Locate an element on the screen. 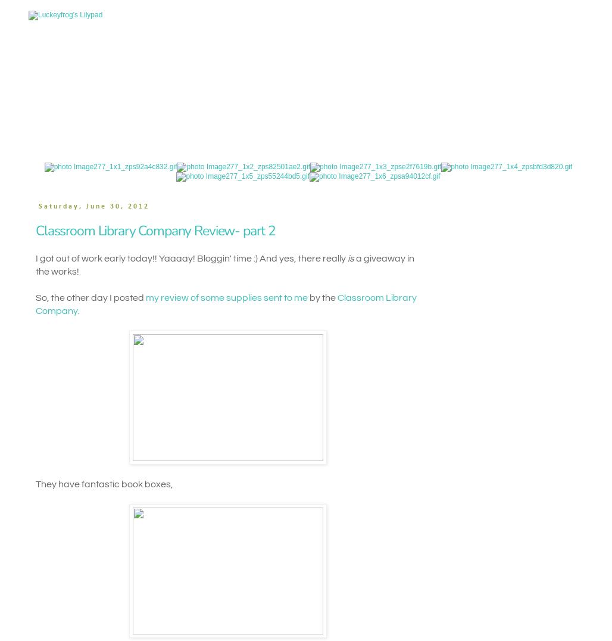 This screenshot has height=641, width=612. 'Classroom Library Company.' is located at coordinates (225, 304).